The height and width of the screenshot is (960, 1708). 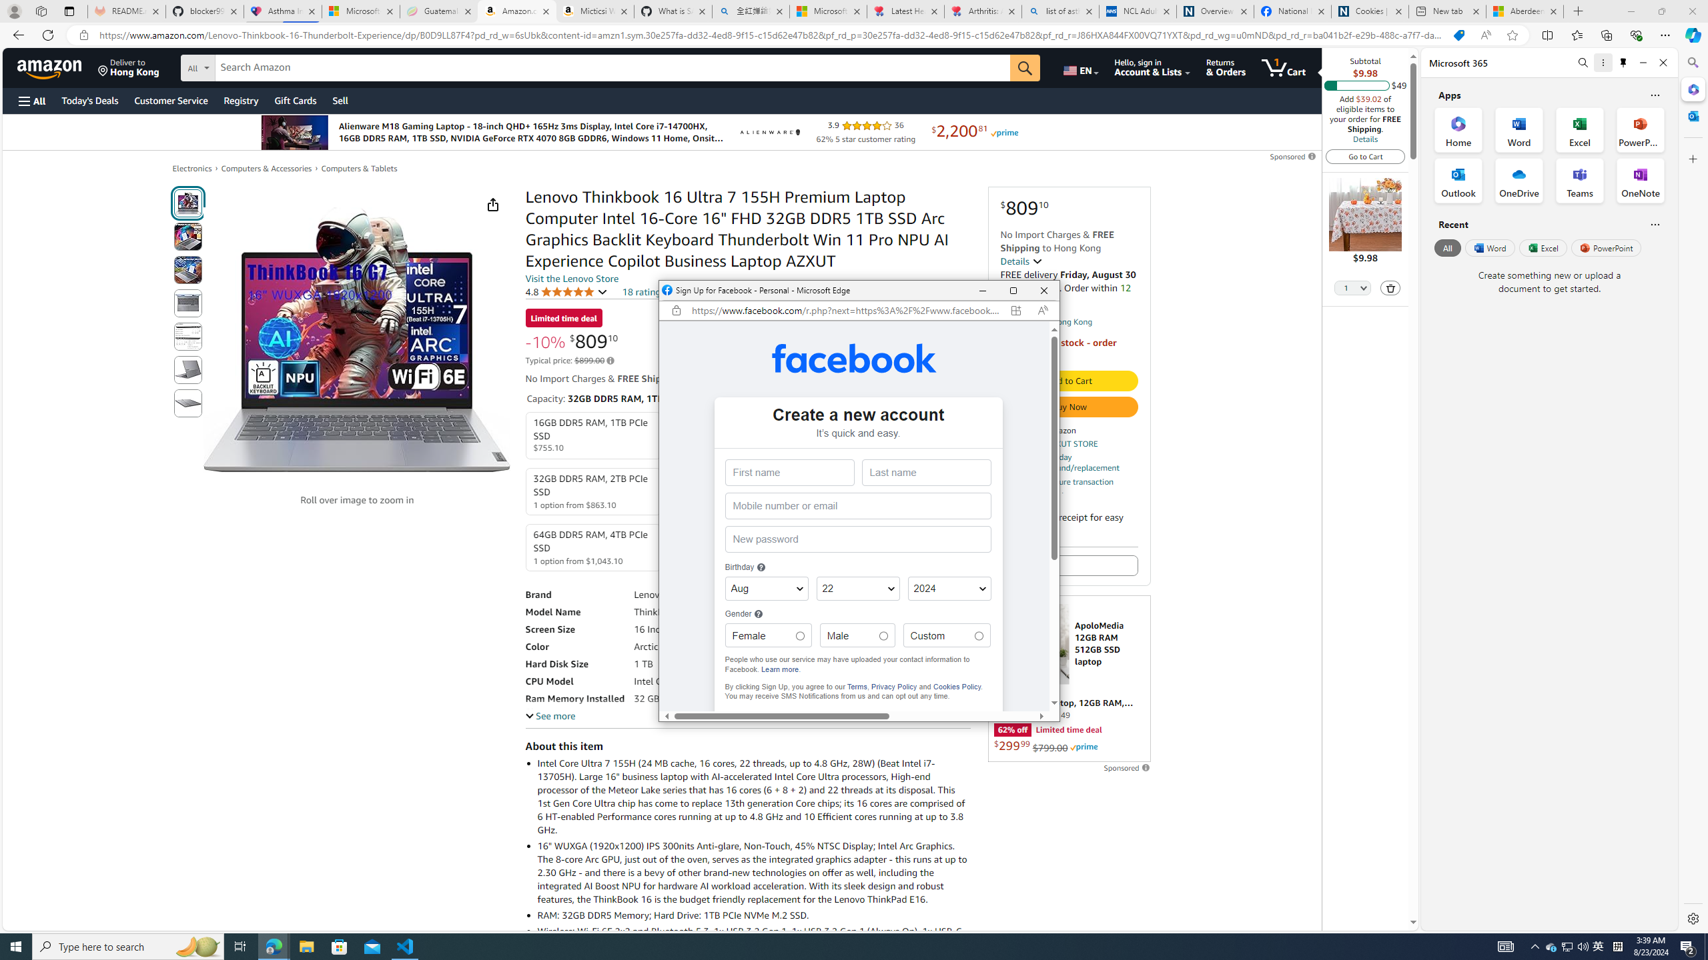 What do you see at coordinates (171, 100) in the screenshot?
I see `'Customer Service'` at bounding box center [171, 100].